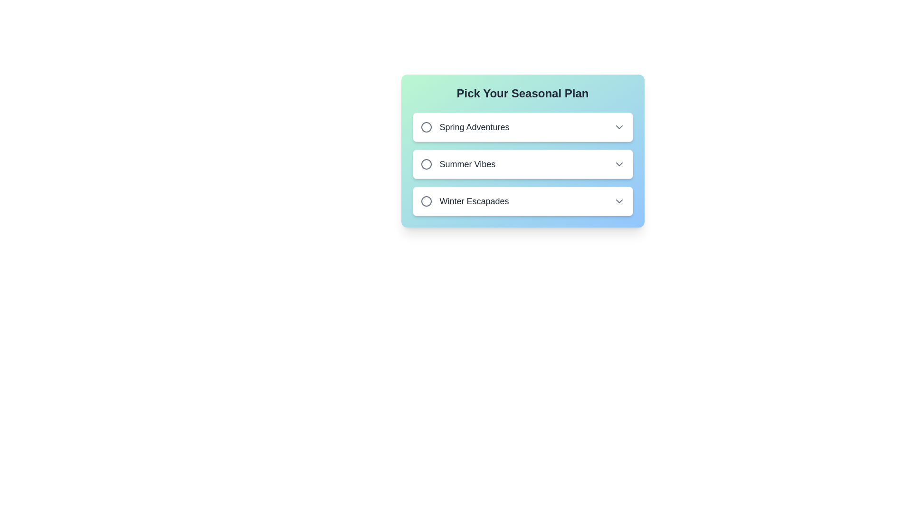 Image resolution: width=912 pixels, height=513 pixels. Describe the element at coordinates (619, 164) in the screenshot. I see `the downward-pointing chevron icon indicating a dropdown menu next to the 'Summer Vibes' label` at that location.